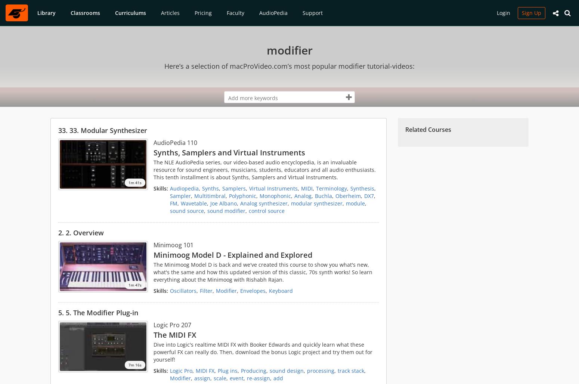 Image resolution: width=579 pixels, height=384 pixels. What do you see at coordinates (134, 364) in the screenshot?
I see `'7m 16s'` at bounding box center [134, 364].